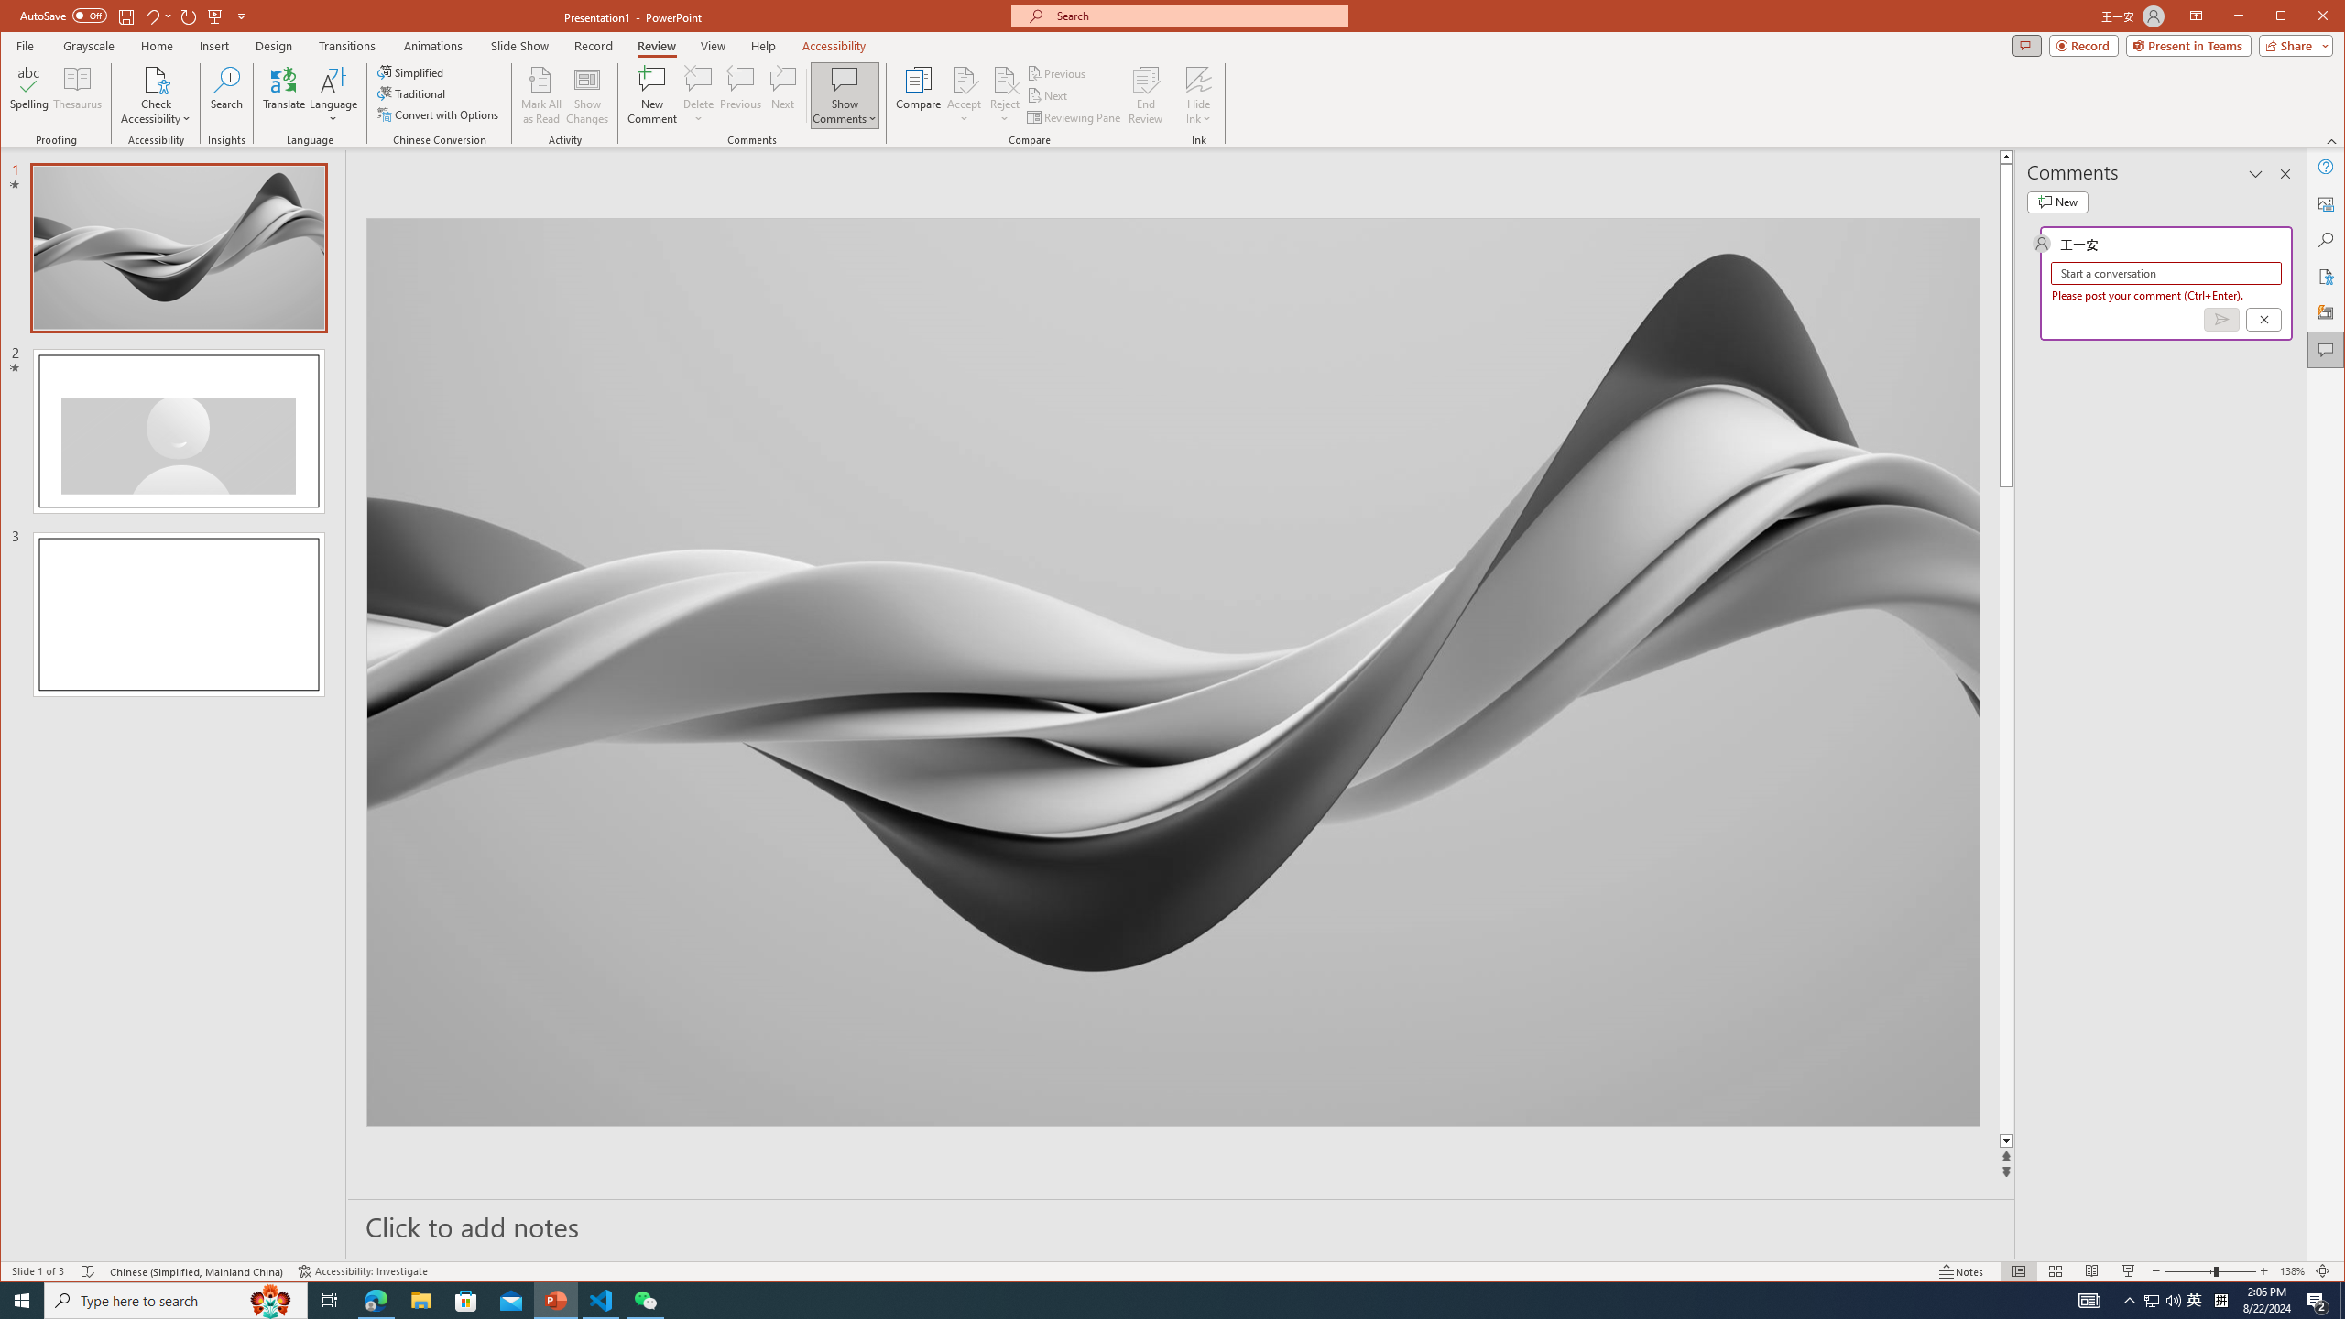 The width and height of the screenshot is (2345, 1319). What do you see at coordinates (2221, 319) in the screenshot?
I see `'Post comment (Ctrl + Enter)'` at bounding box center [2221, 319].